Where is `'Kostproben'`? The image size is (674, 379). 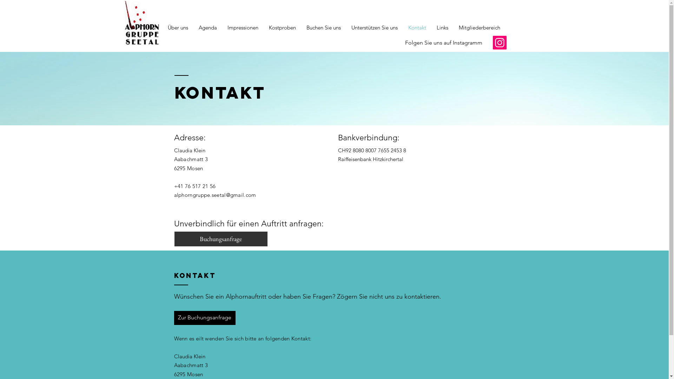
'Kostproben' is located at coordinates (263, 27).